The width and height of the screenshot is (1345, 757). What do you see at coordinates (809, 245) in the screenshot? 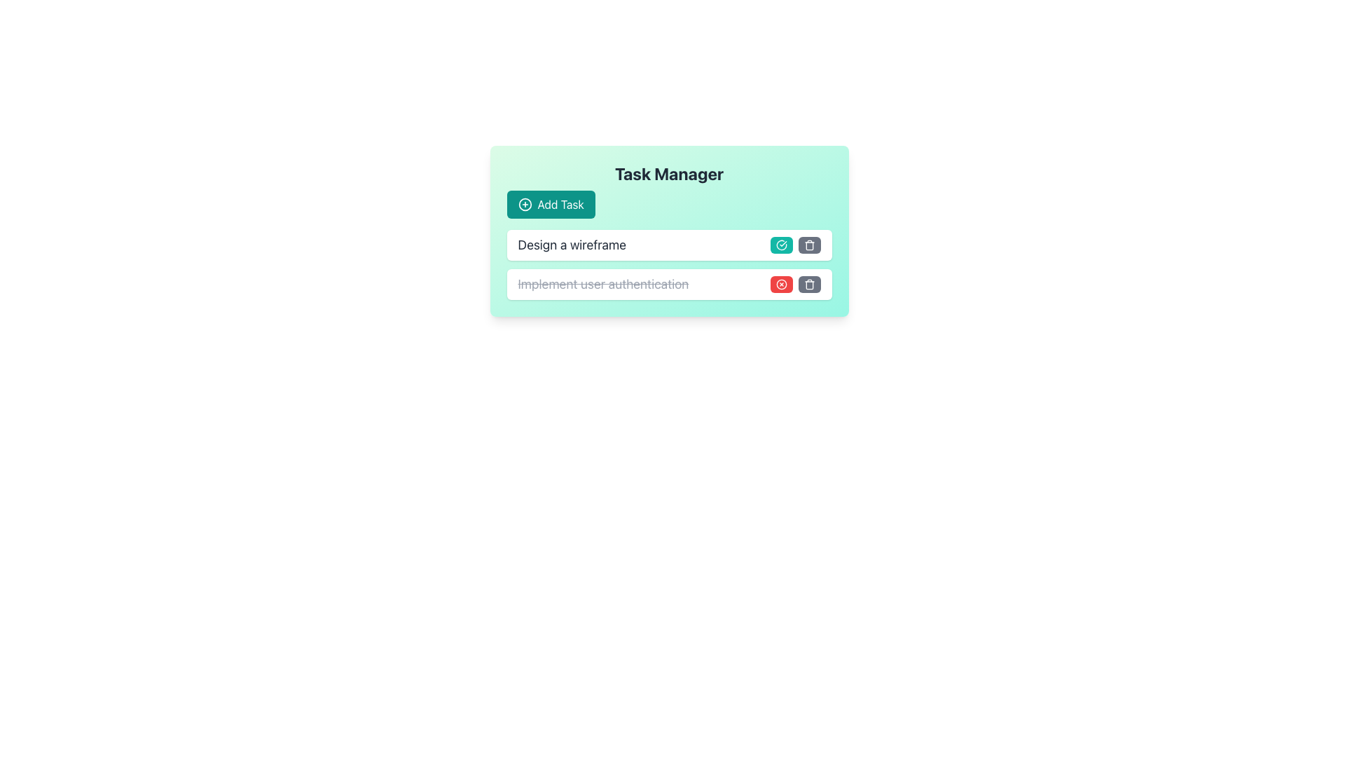
I see `the trashcan button with a gray background and white text, positioned to the far right of the action buttons` at bounding box center [809, 245].